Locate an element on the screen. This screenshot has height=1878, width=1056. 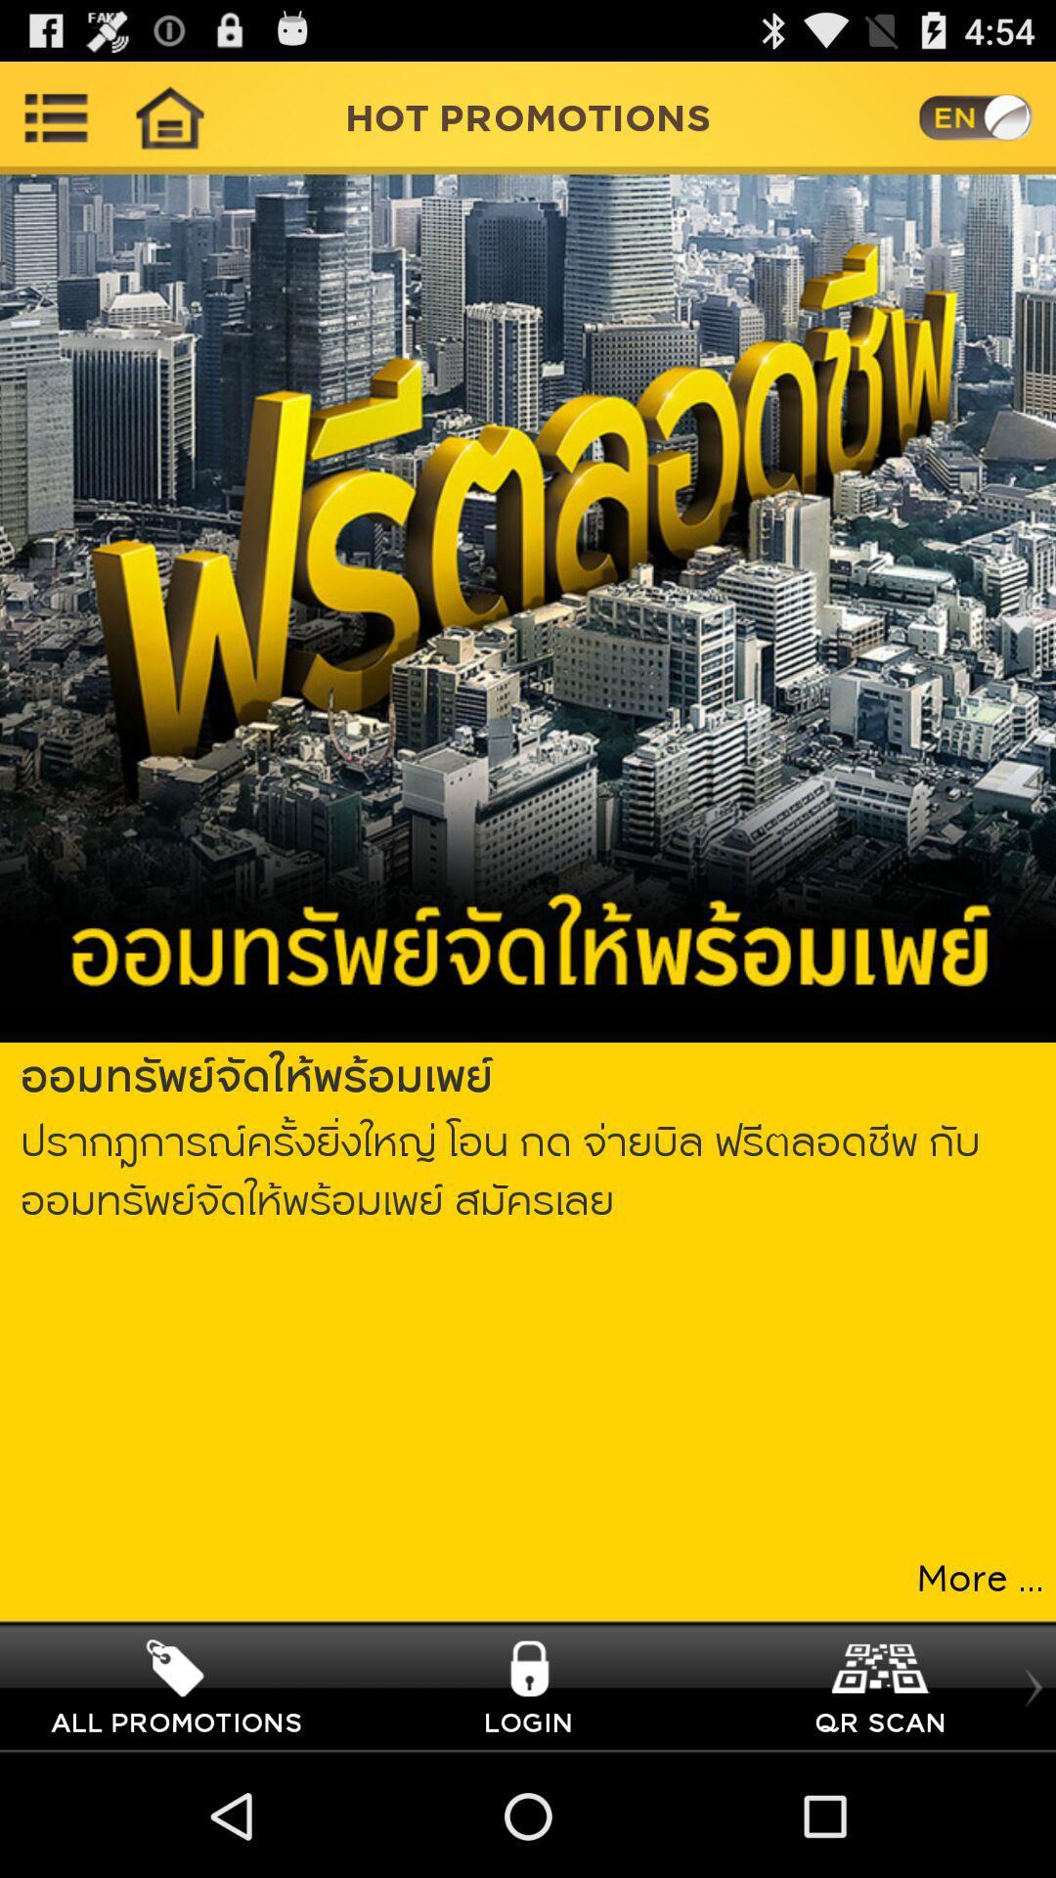
home page icon is located at coordinates (168, 116).